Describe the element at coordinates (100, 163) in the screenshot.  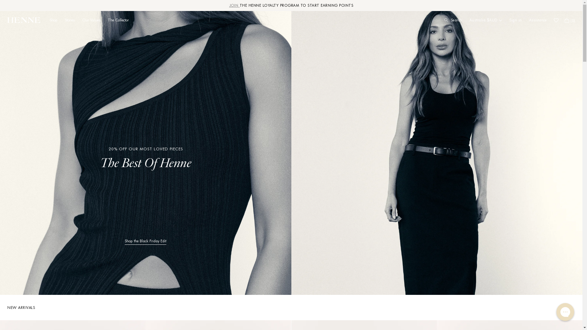
I see `'The Best Of Henne'` at that location.